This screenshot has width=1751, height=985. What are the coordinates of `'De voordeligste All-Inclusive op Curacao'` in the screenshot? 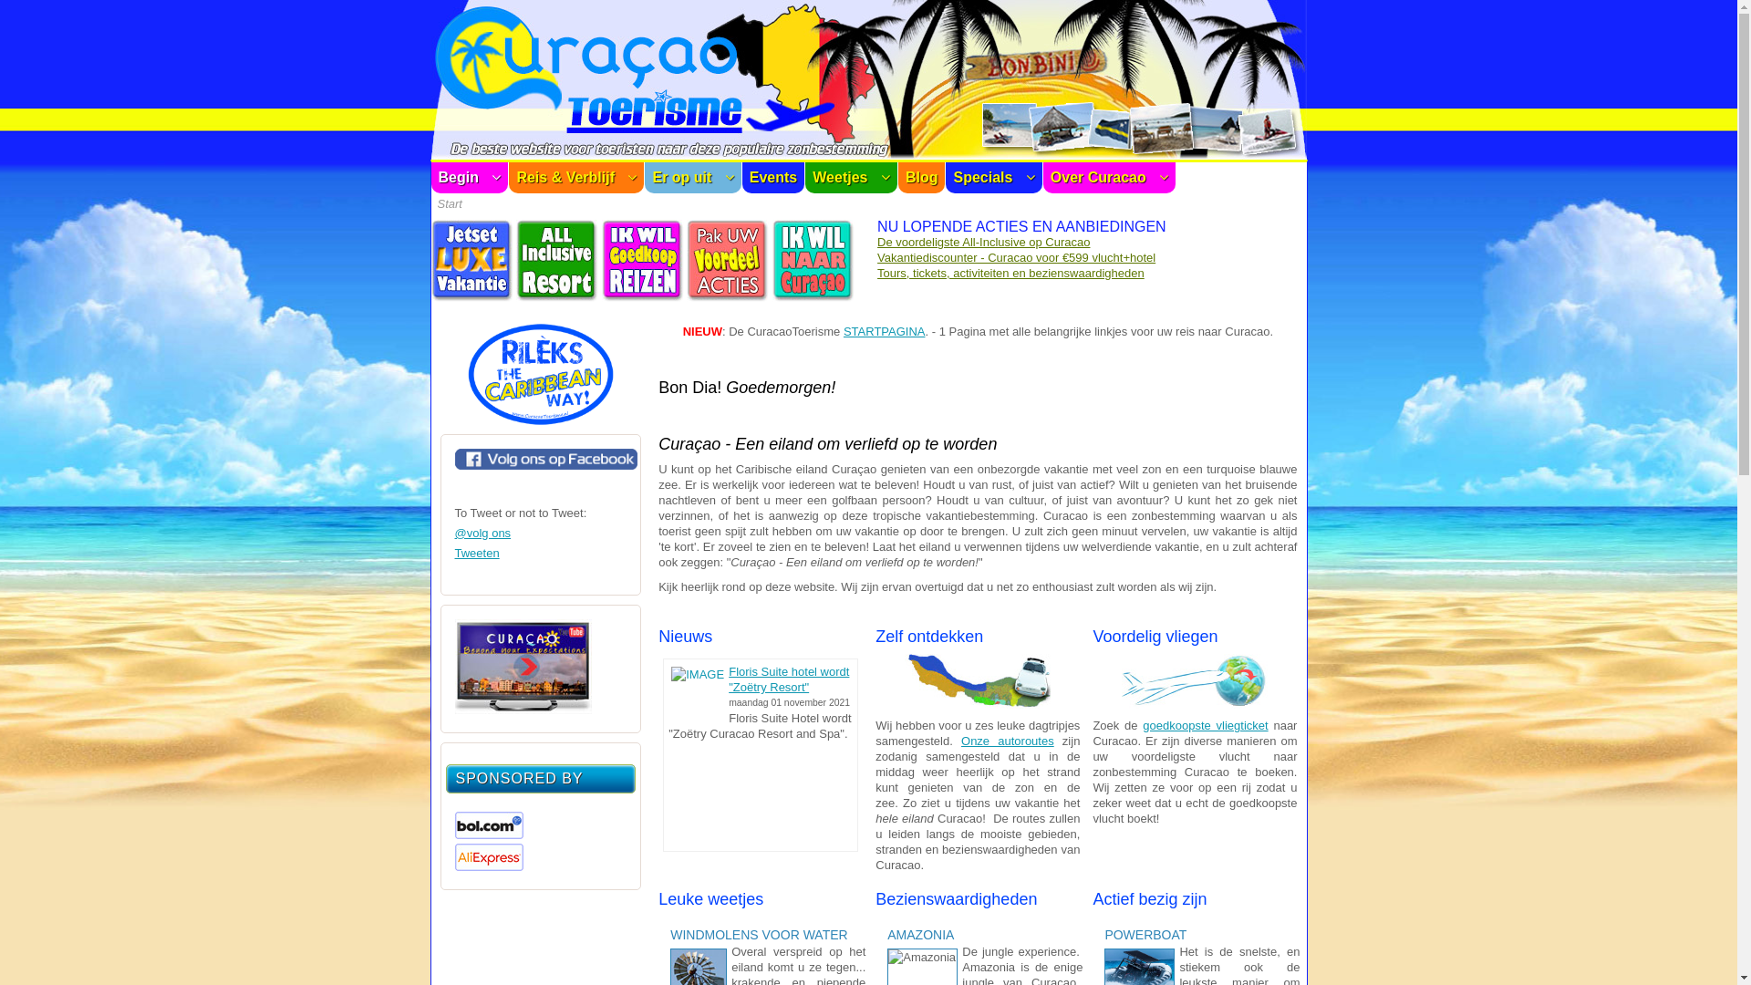 It's located at (982, 241).